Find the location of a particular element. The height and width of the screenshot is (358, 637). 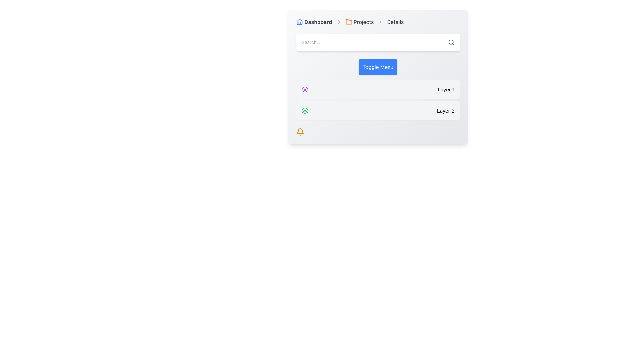

the orange-colored folder icon in the breadcrumb navigation bar, located is located at coordinates (348, 21).